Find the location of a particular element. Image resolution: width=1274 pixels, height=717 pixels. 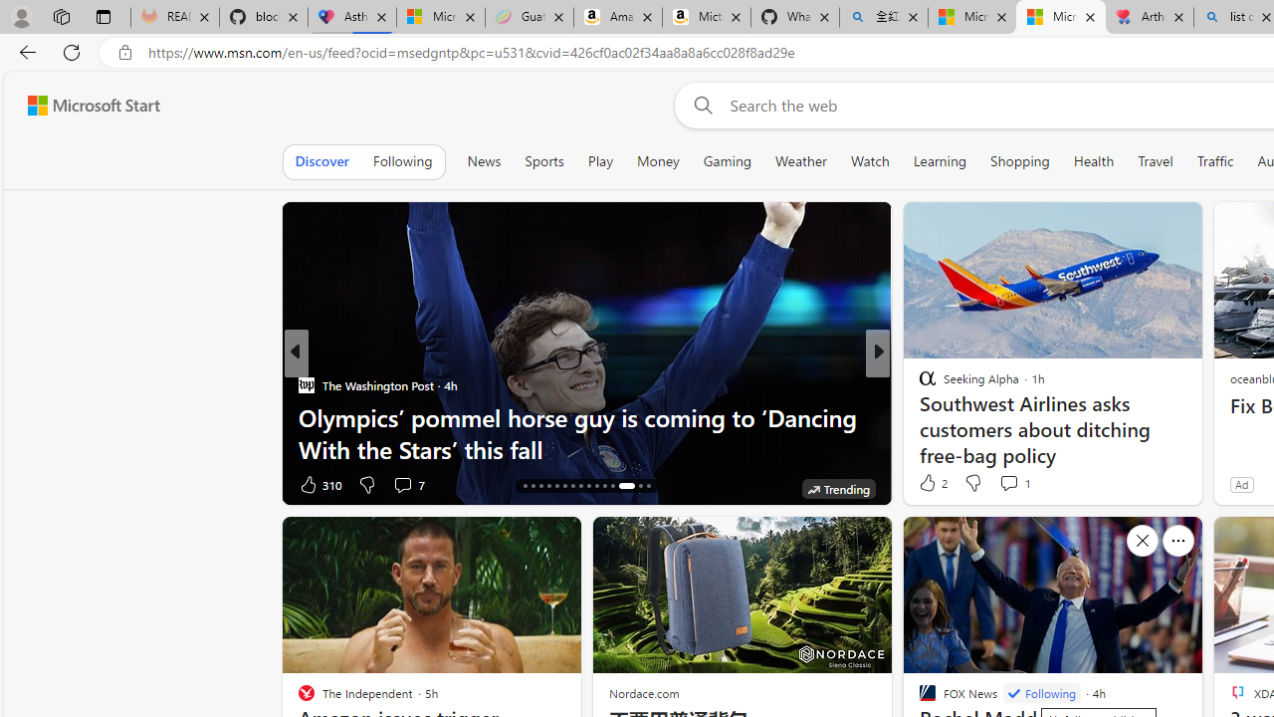

'View comments 1 Comment' is located at coordinates (1008, 483).